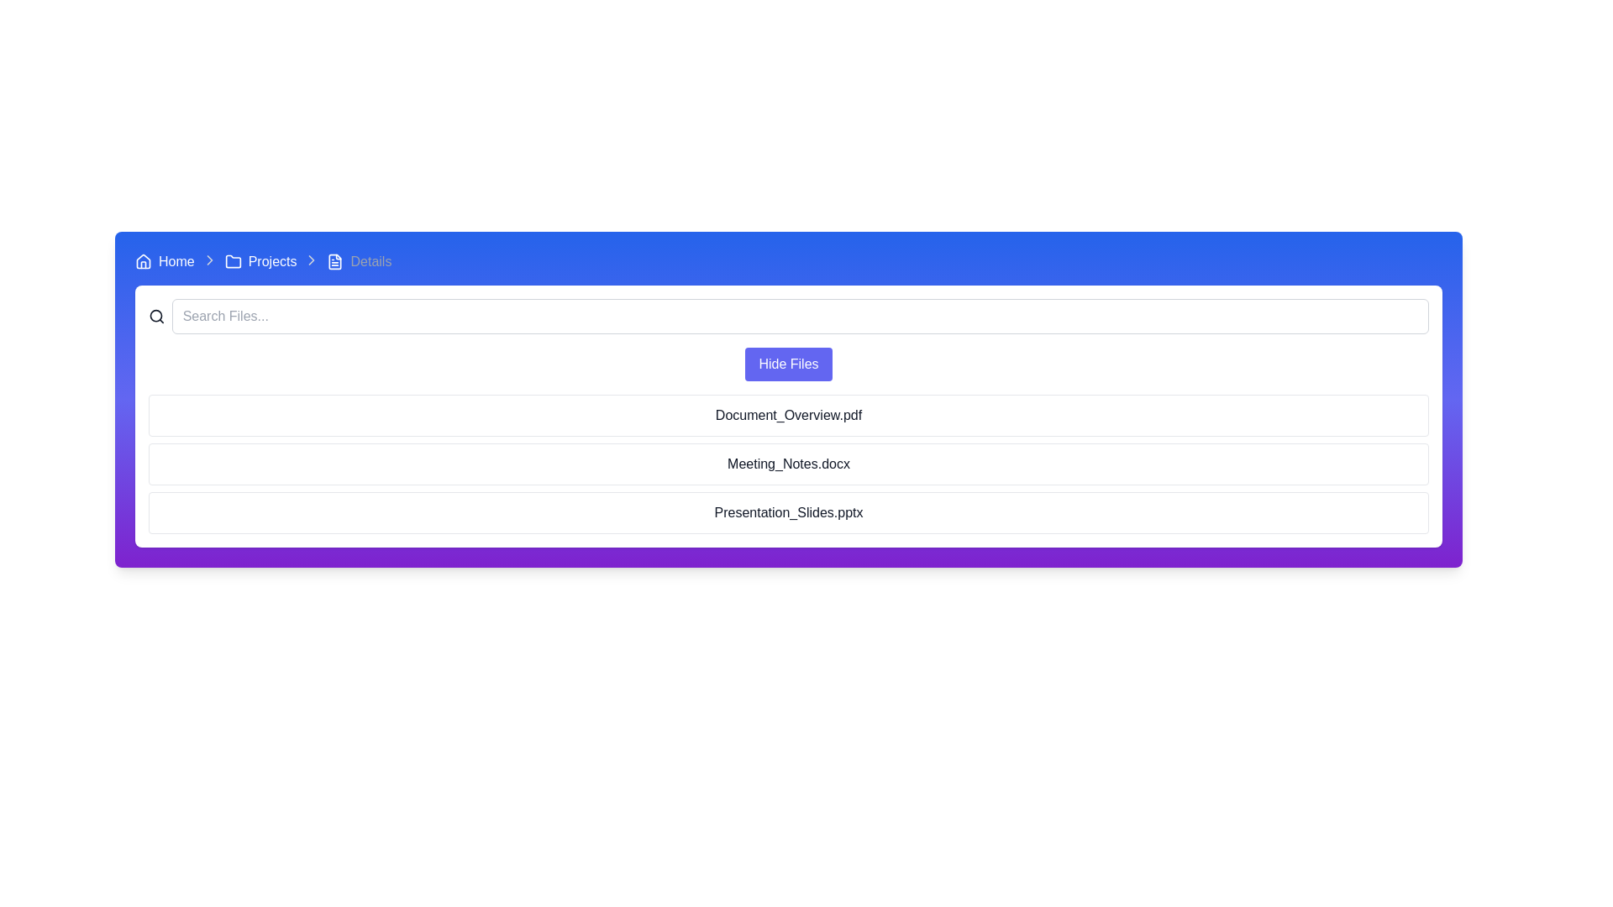 The image size is (1613, 907). Describe the element at coordinates (312, 262) in the screenshot. I see `the right-pointing chevron arrow in the navigation bar located between 'Projects' and 'Details'` at that location.